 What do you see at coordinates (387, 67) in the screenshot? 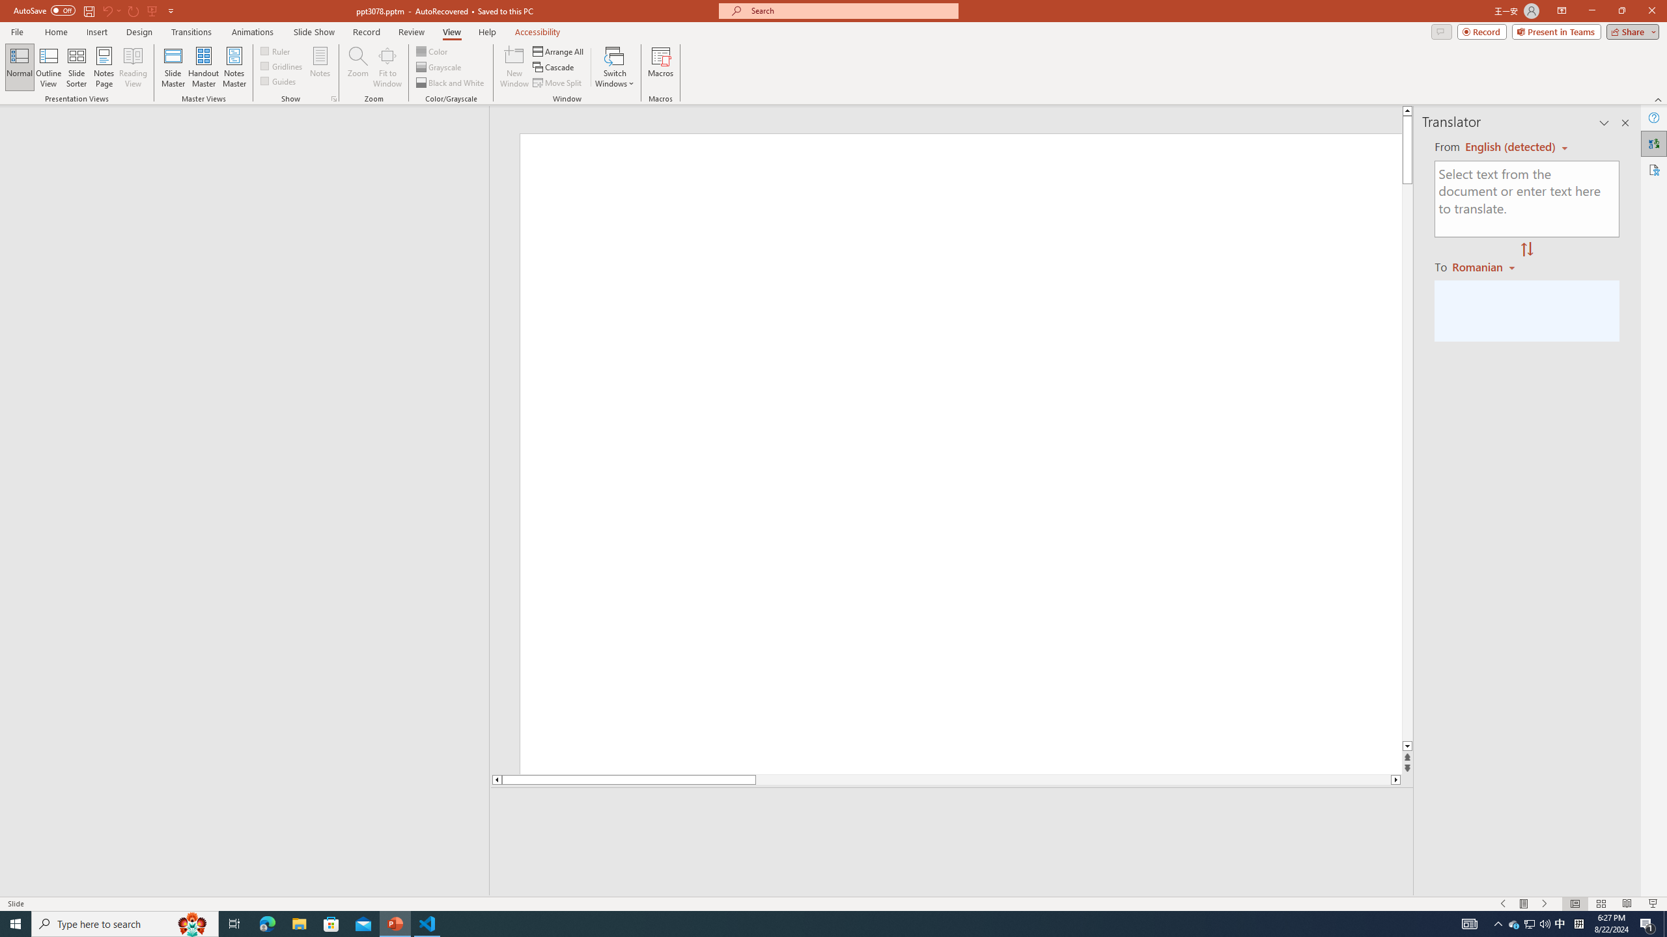
I see `'Fit to Window'` at bounding box center [387, 67].